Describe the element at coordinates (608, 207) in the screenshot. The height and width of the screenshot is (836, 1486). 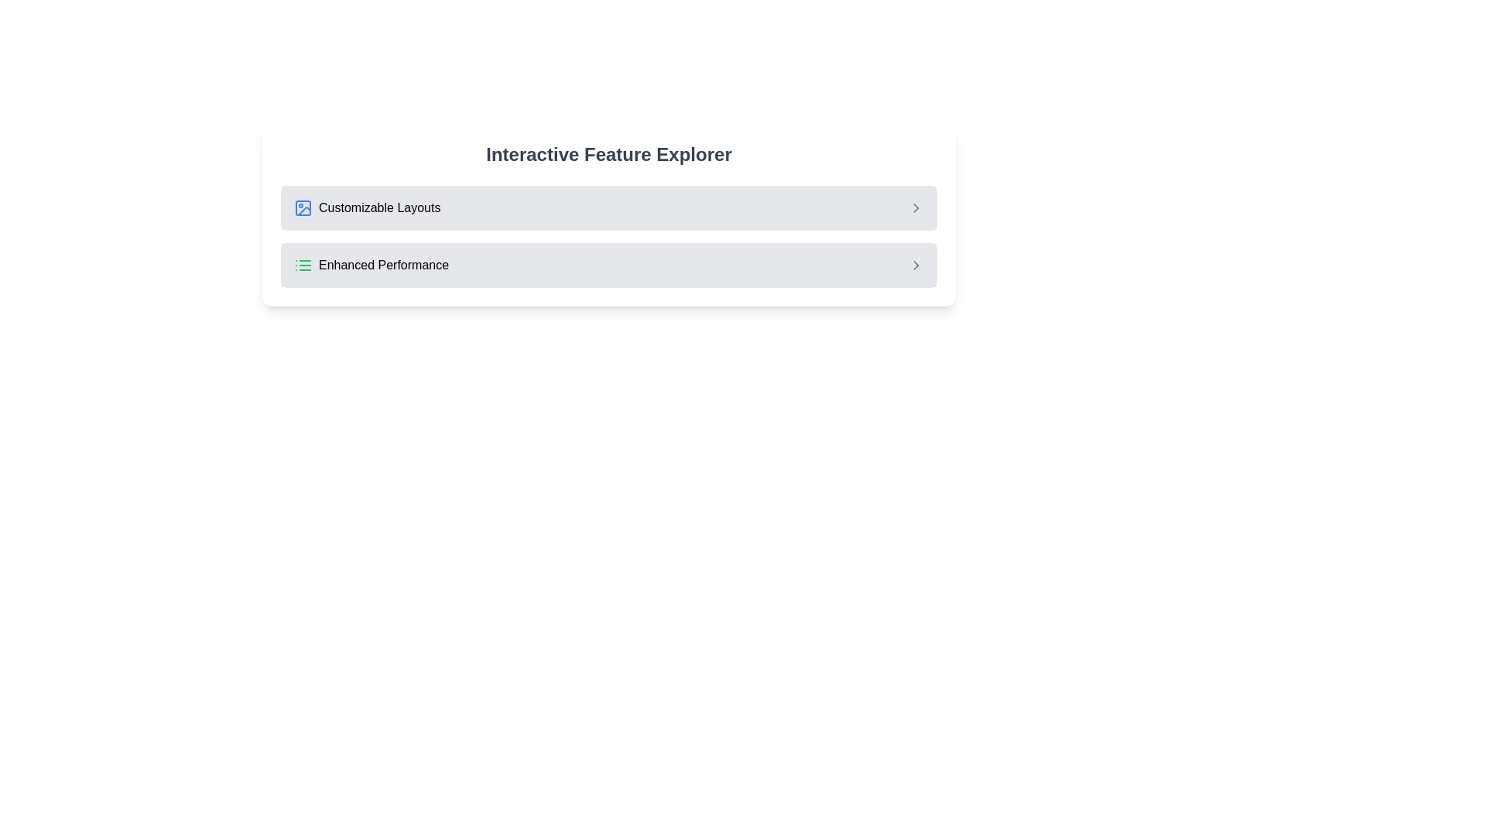
I see `the first clickable button in the 'Interactive Feature Explorer' section` at that location.